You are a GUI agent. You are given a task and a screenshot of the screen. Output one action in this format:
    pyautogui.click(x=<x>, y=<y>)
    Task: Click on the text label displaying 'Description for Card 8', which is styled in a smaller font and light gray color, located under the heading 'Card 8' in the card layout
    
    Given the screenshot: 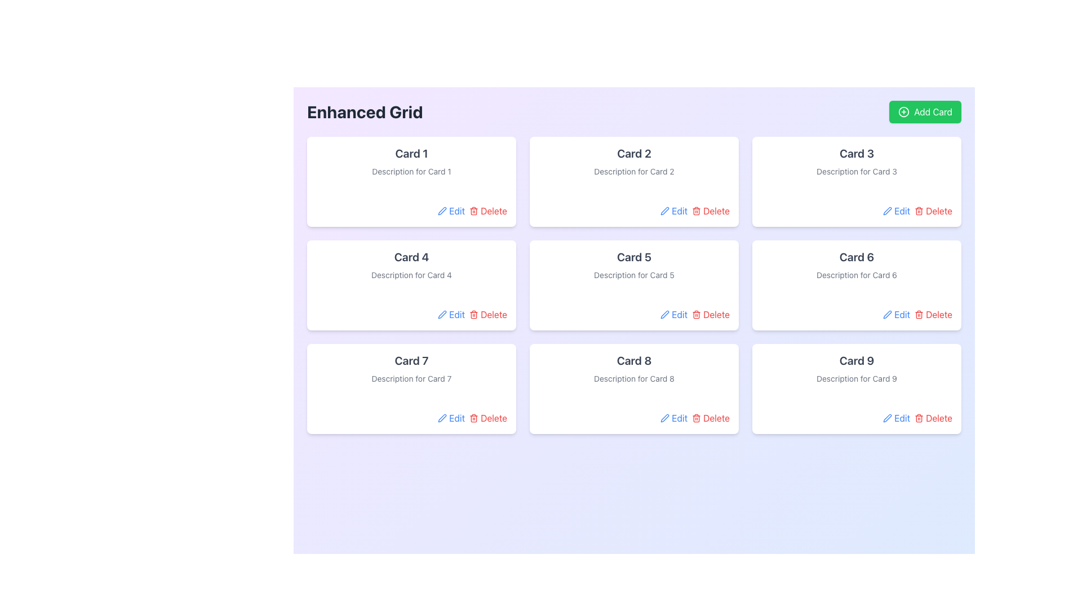 What is the action you would take?
    pyautogui.click(x=634, y=378)
    